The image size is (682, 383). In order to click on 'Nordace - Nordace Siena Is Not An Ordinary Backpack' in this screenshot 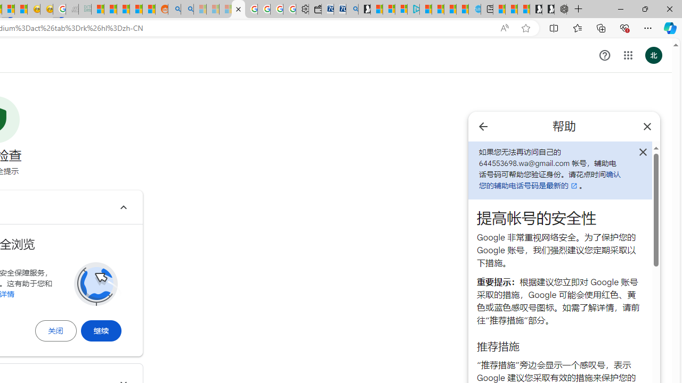, I will do `click(560, 9)`.